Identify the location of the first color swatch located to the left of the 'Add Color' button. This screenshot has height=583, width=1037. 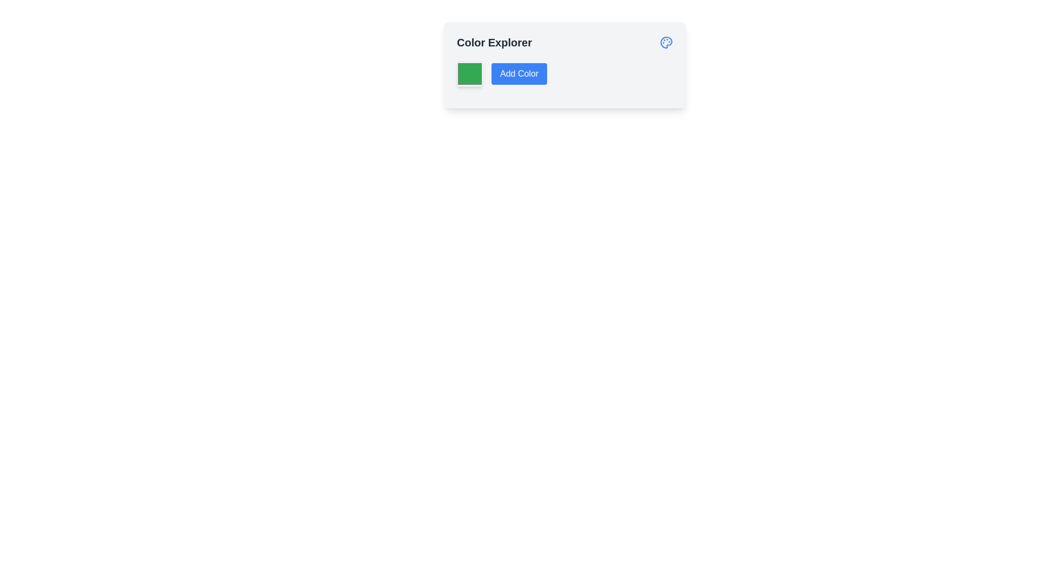
(469, 73).